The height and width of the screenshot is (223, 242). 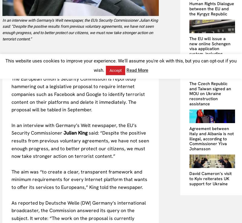 What do you see at coordinates (79, 179) in the screenshot?
I see `'The aim was “to create a clear, transparent framework and minimum requirements for every Internet platform that wants to offer its services to Europeans,” King told the newspaper.'` at bounding box center [79, 179].